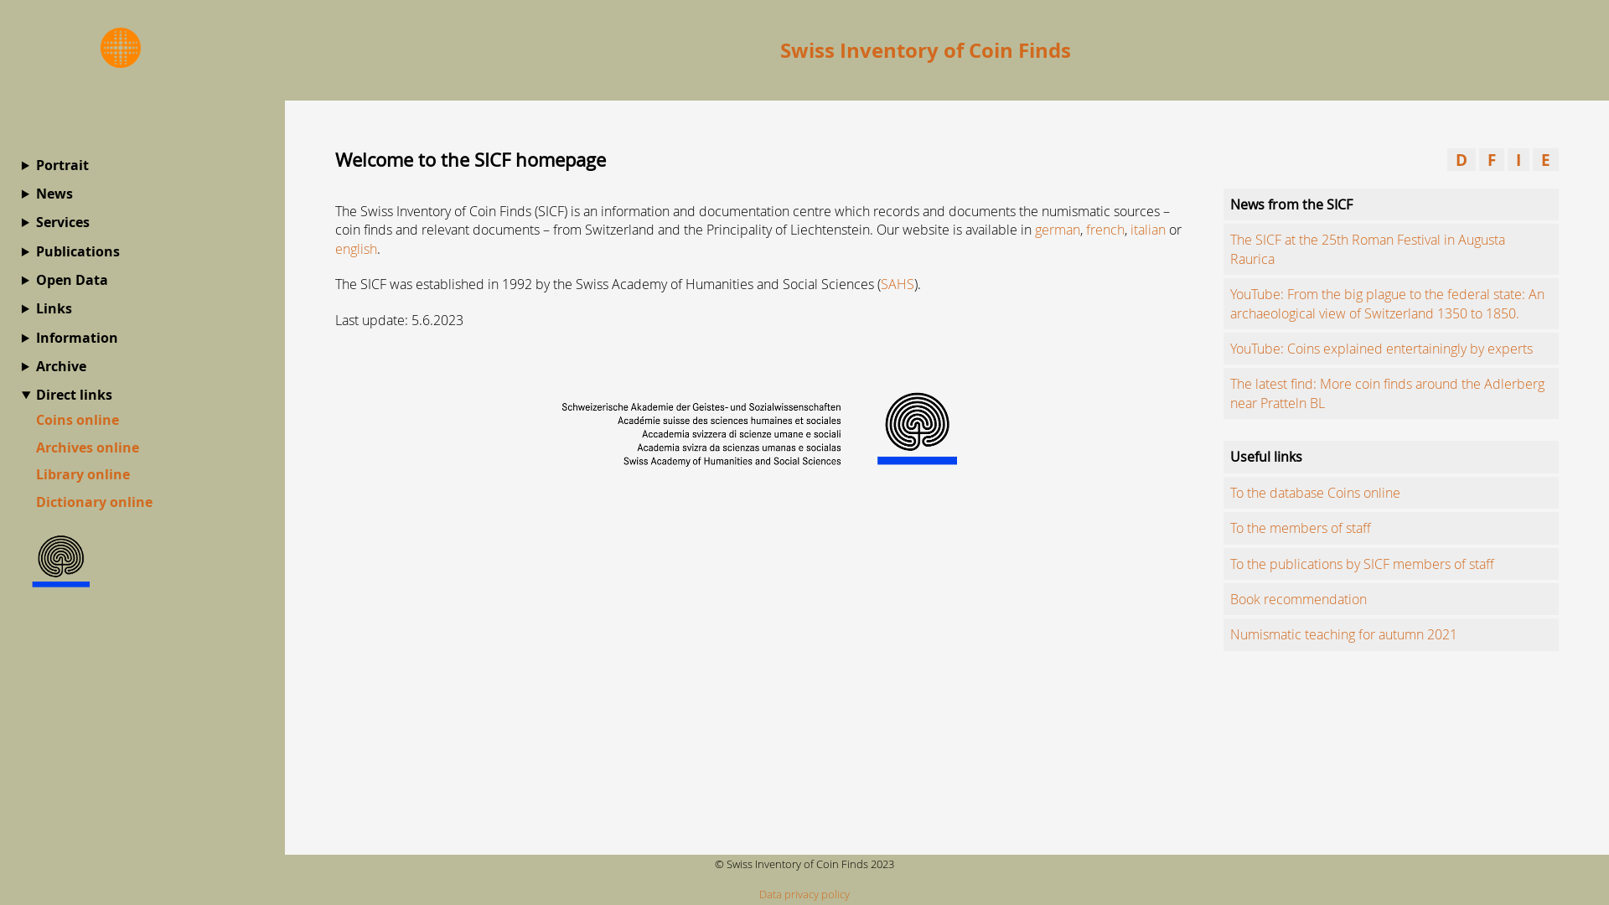 The height and width of the screenshot is (905, 1609). Describe the element at coordinates (1146, 229) in the screenshot. I see `'italian'` at that location.